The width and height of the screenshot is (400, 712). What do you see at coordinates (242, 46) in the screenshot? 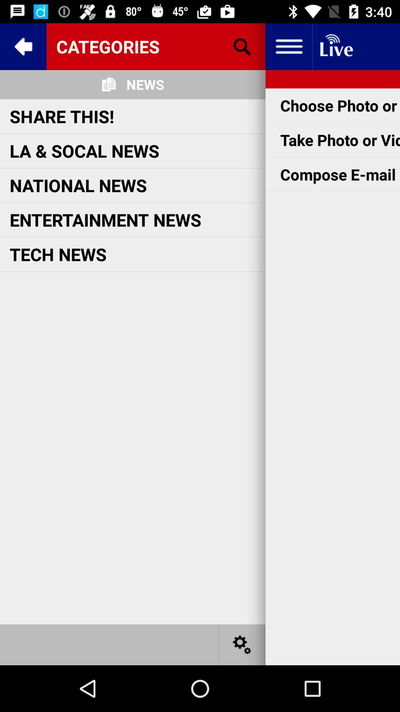
I see `the item to the right of the news icon` at bounding box center [242, 46].